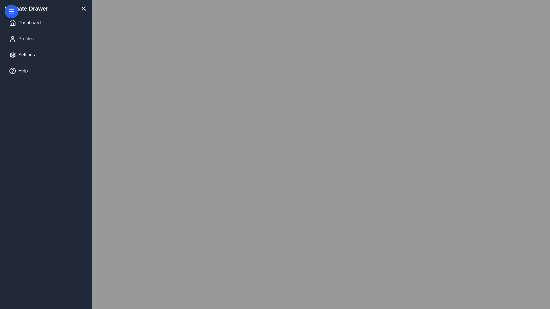 This screenshot has height=309, width=550. Describe the element at coordinates (83, 9) in the screenshot. I see `the cross icon located at the top-right corner of the sidebar` at that location.